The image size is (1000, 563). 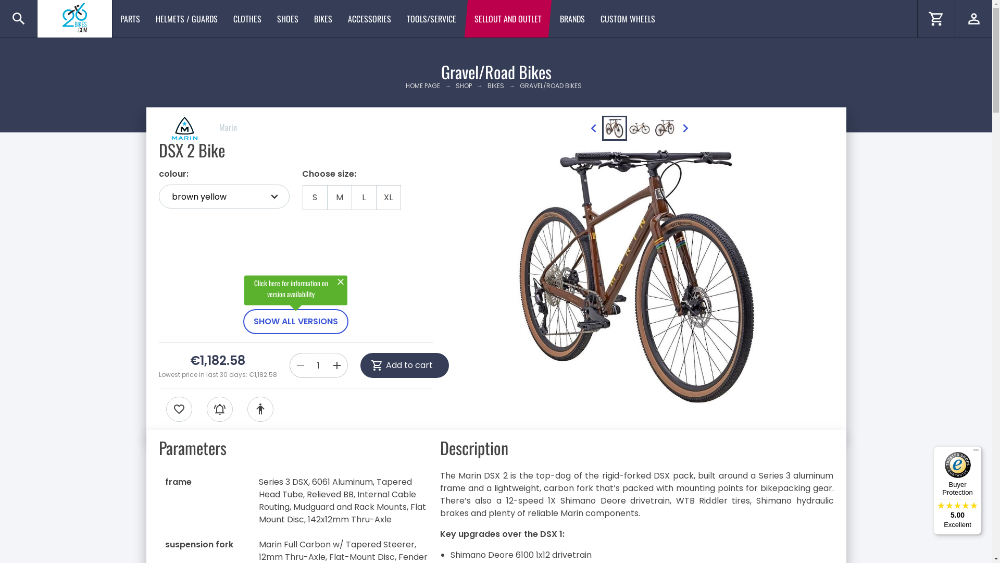 What do you see at coordinates (404, 365) in the screenshot?
I see `'Add to cart'` at bounding box center [404, 365].